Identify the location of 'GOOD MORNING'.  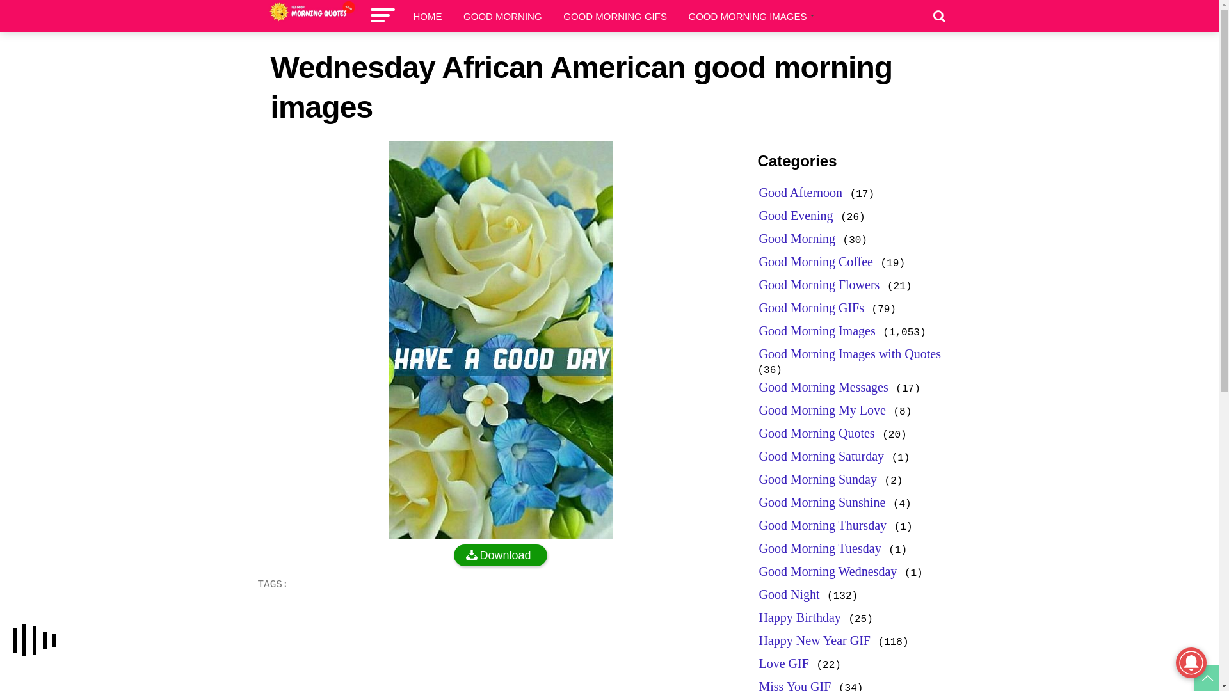
(502, 16).